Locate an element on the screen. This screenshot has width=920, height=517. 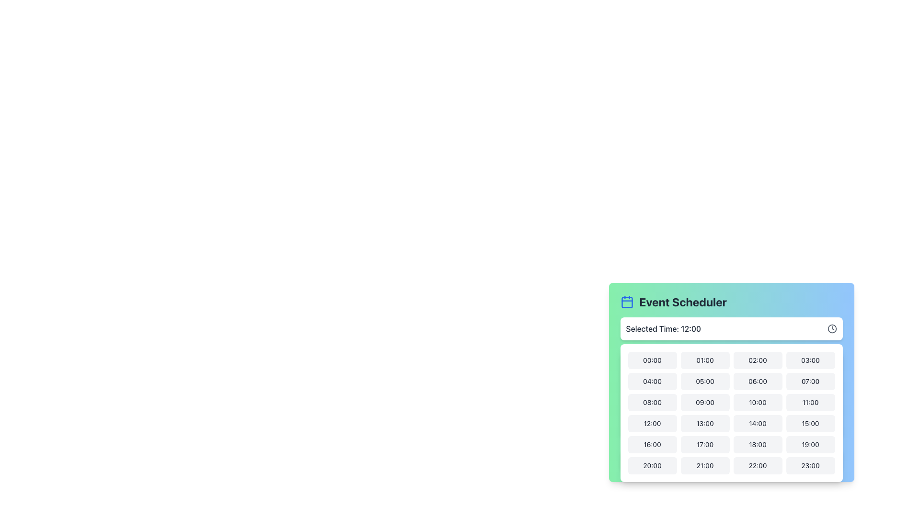
the button labeled '18:00' which is the third button in the fifth row of the Event Scheduler grid is located at coordinates (757, 445).